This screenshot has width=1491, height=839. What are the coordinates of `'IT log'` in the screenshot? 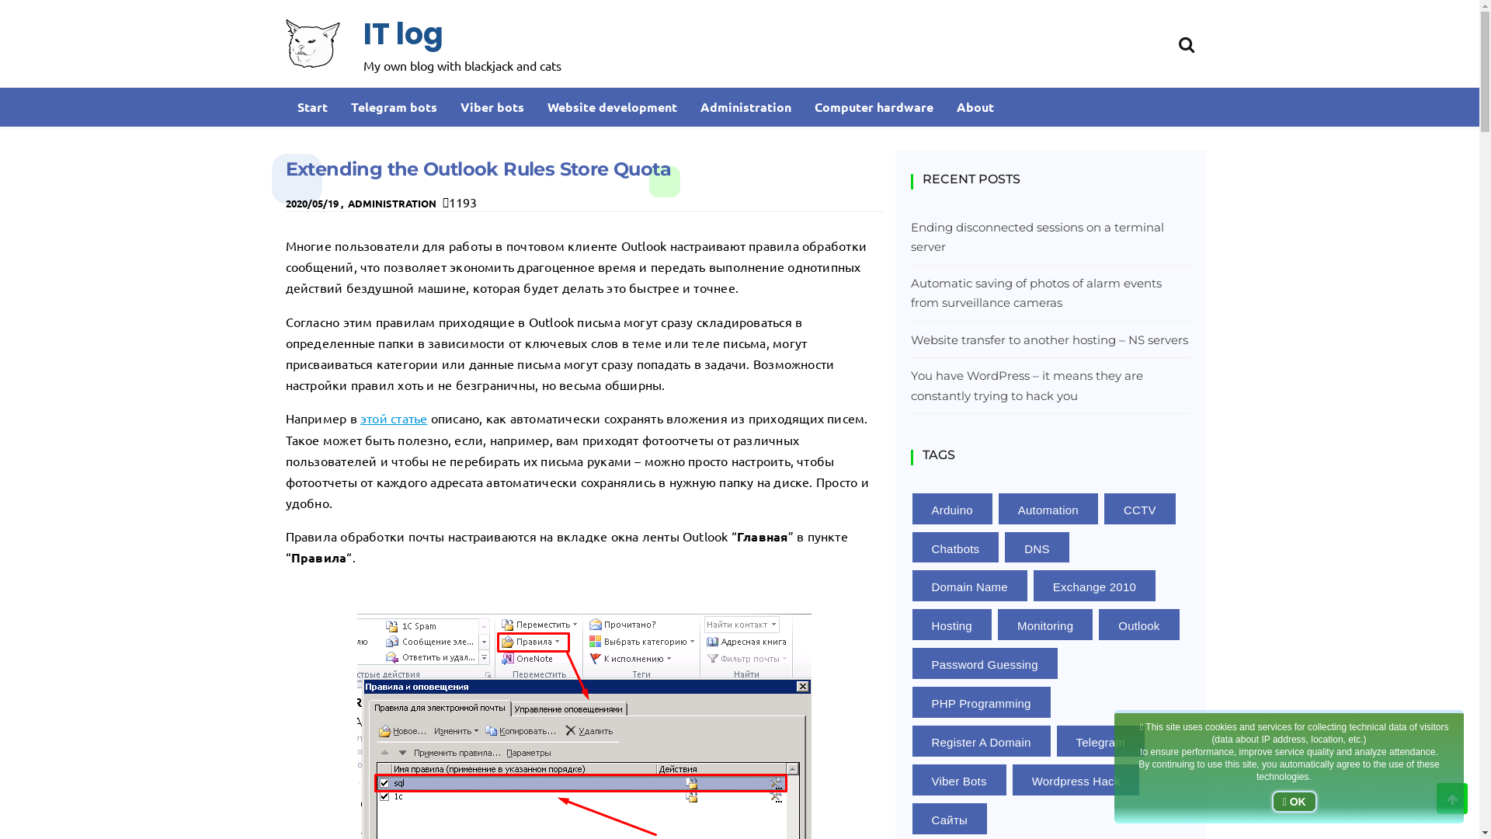 It's located at (403, 33).